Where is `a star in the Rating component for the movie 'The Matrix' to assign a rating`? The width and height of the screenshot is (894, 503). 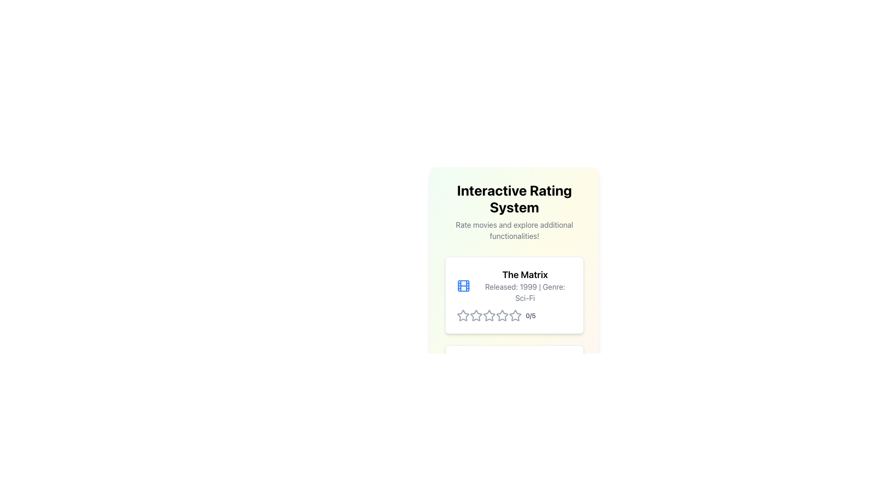 a star in the Rating component for the movie 'The Matrix' to assign a rating is located at coordinates (514, 315).